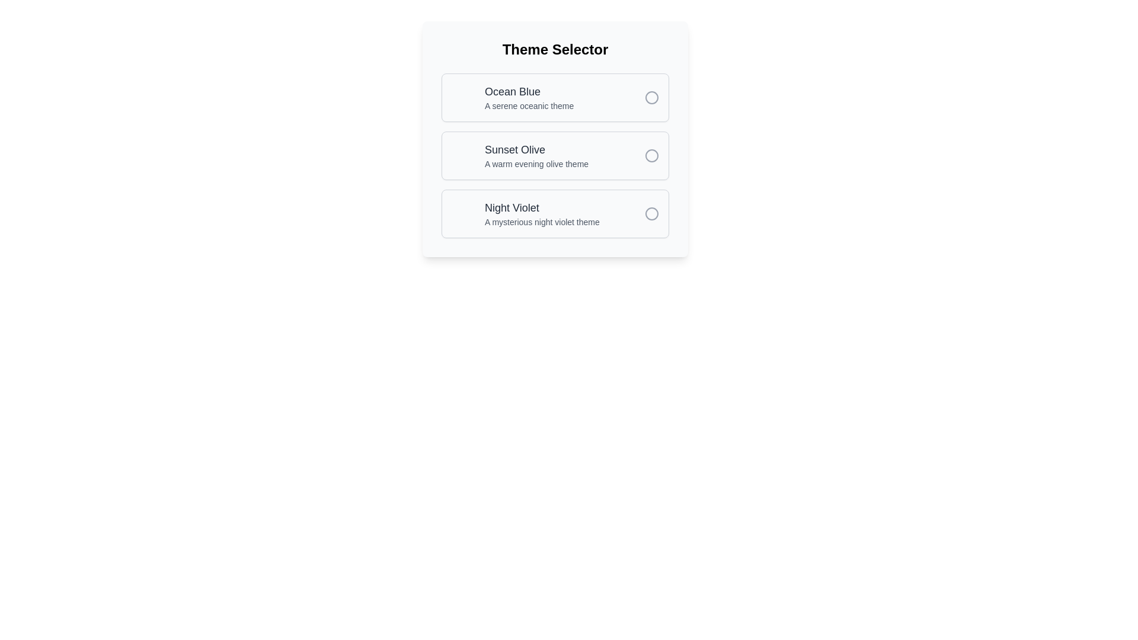  I want to click on header text 'Theme Selector' which is a bold title aligned in the center of the interface, positioned above the theme option cards, so click(554, 49).